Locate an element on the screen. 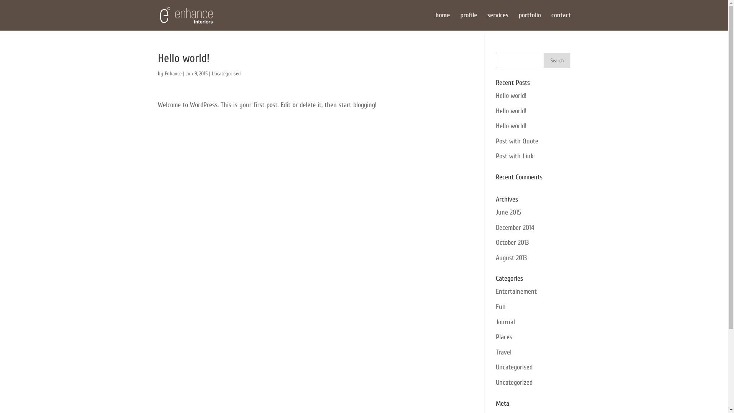 The height and width of the screenshot is (413, 734). 'Search' is located at coordinates (557, 60).